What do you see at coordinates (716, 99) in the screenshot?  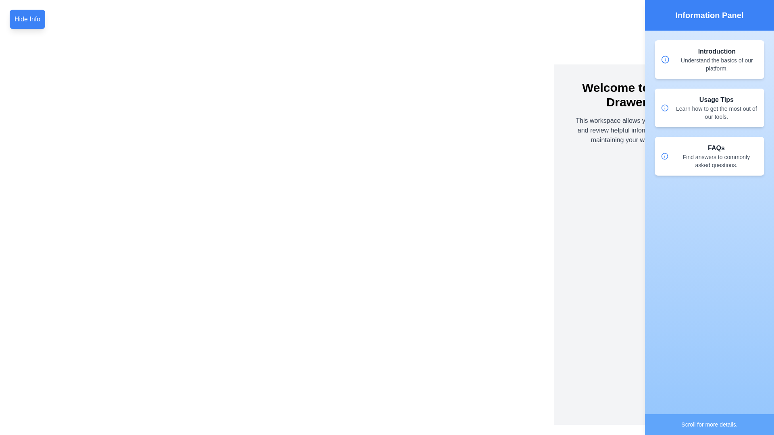 I see `the bold text label 'Usage Tips' located at the top of the text section within the highlighted card in the right-side 'Information Panel'` at bounding box center [716, 99].